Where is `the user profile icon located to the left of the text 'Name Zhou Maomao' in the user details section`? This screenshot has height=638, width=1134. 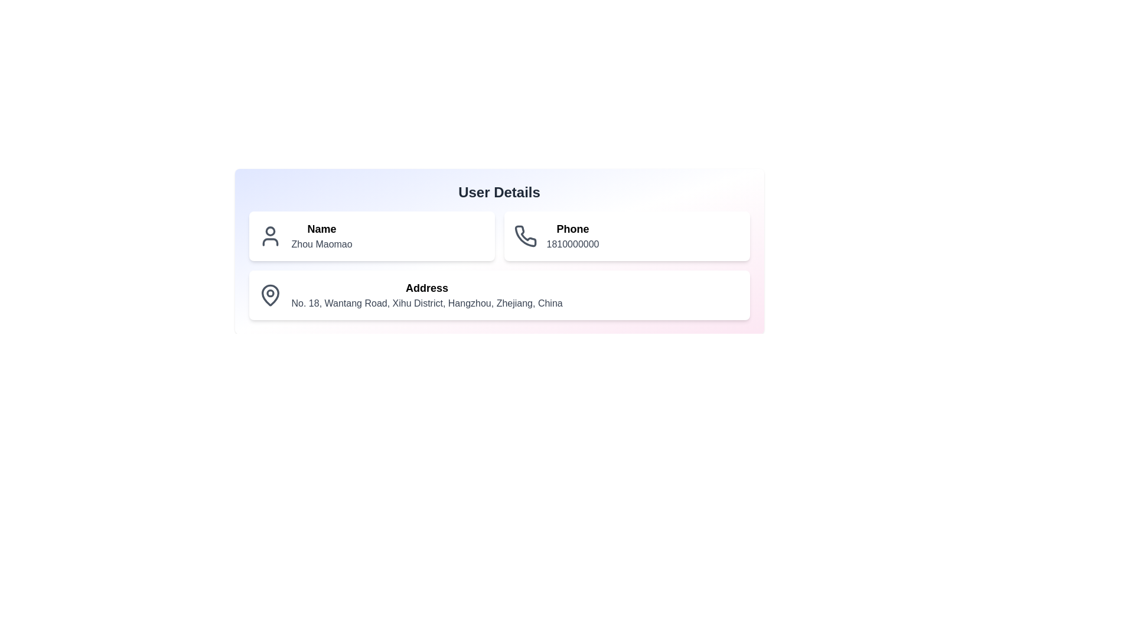
the user profile icon located to the left of the text 'Name Zhou Maomao' in the user details section is located at coordinates (269, 231).